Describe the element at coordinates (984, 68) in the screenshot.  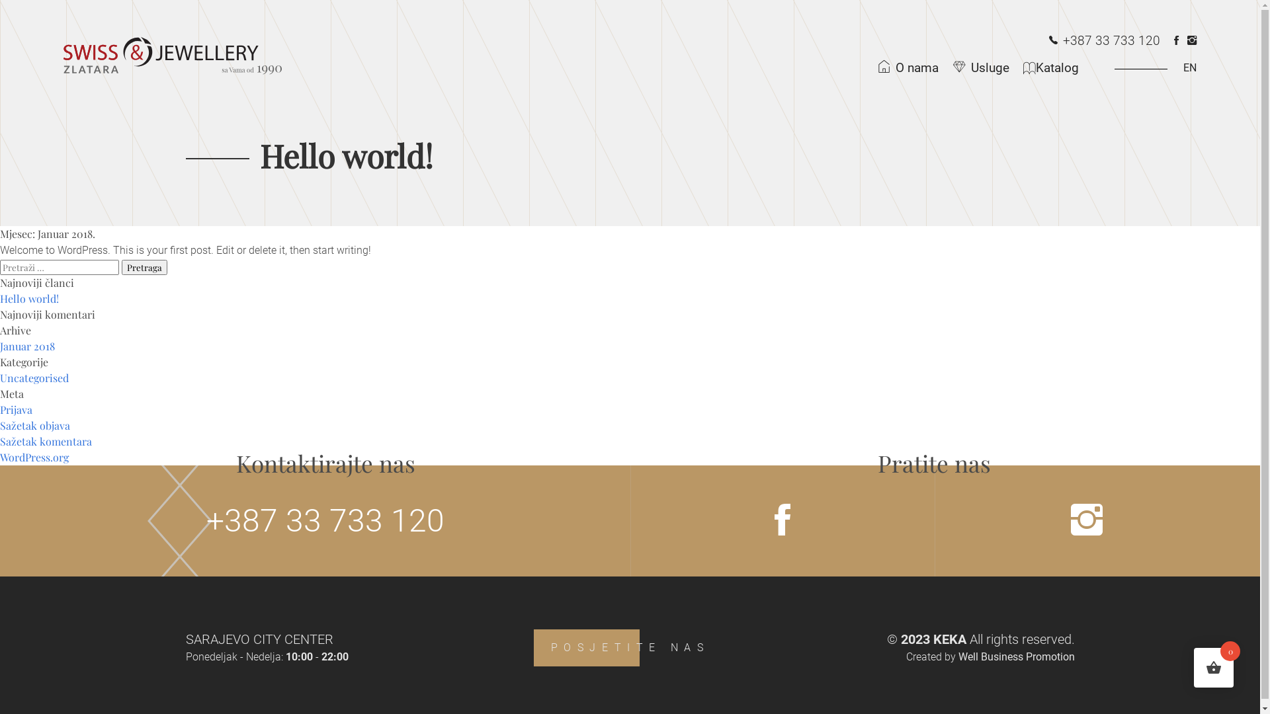
I see `'Usluge'` at that location.